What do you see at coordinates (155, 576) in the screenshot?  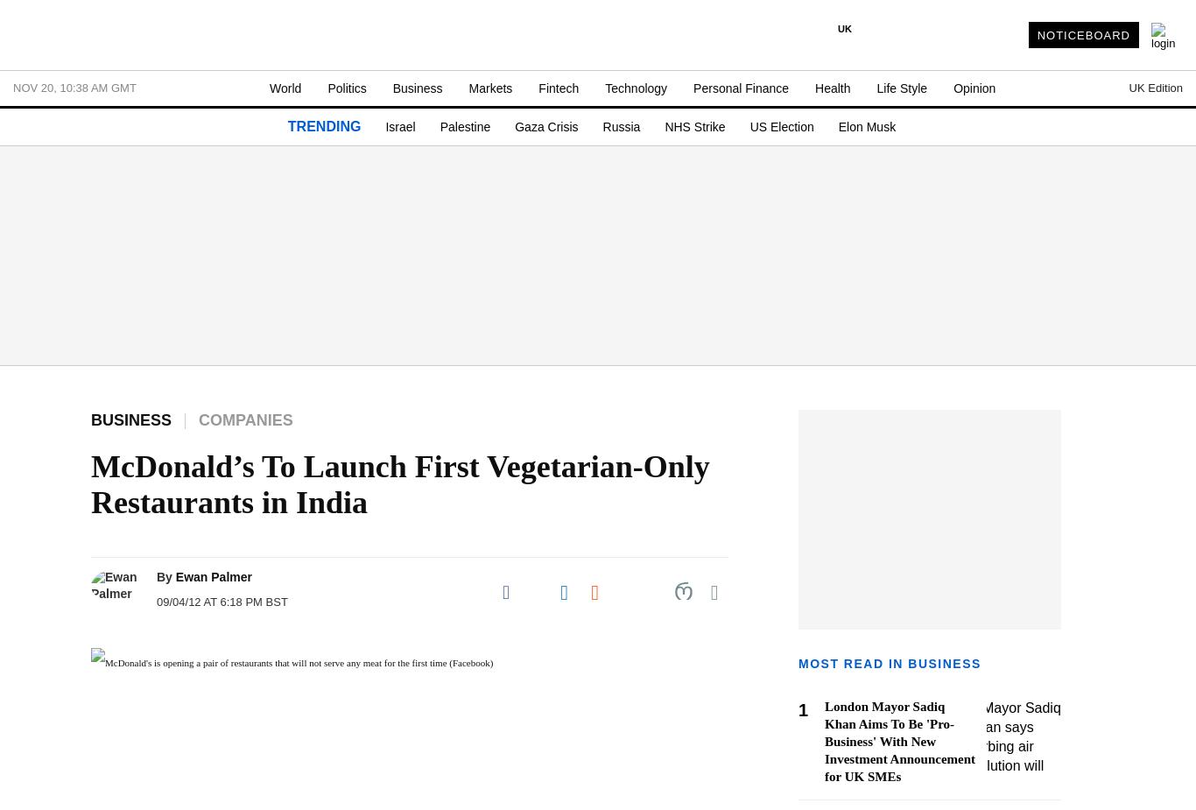 I see `'By'` at bounding box center [155, 576].